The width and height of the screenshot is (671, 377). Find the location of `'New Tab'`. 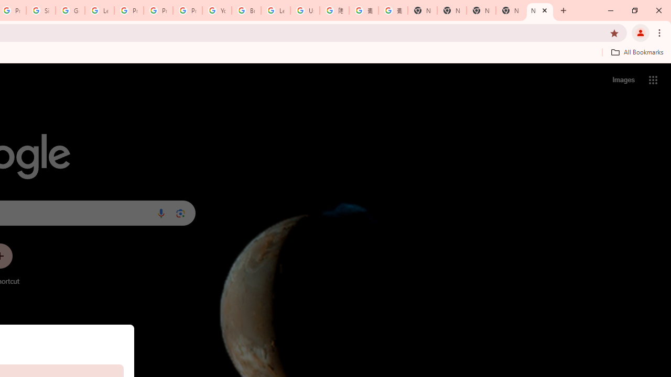

'New Tab' is located at coordinates (540, 10).